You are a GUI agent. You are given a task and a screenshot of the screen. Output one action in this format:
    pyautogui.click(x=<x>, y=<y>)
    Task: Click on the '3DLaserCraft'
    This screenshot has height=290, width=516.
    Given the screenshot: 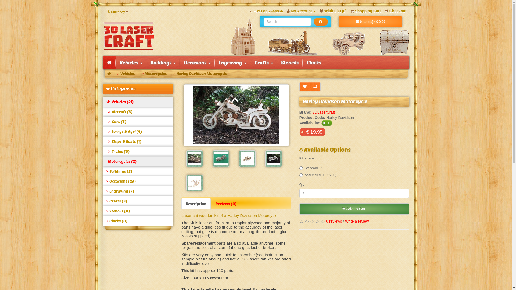 What is the action you would take?
    pyautogui.click(x=128, y=36)
    